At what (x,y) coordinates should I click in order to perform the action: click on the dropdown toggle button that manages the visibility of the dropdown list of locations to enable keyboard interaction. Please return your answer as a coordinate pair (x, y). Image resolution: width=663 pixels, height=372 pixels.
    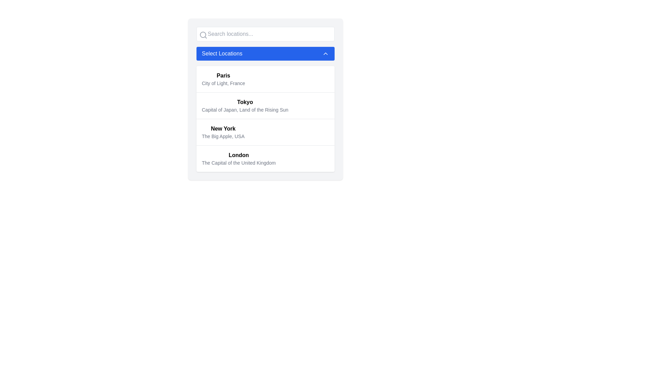
    Looking at the image, I should click on (265, 53).